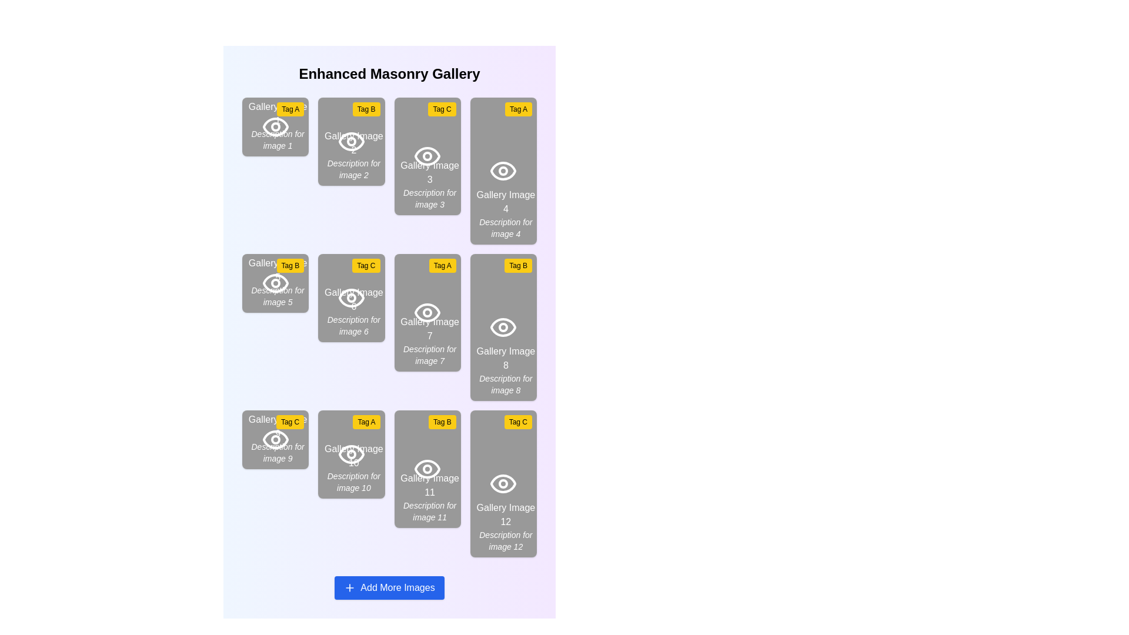  I want to click on the yellow rectangular tag labeled 'Tag A' located in the top-right corner of the 'Gallery Image 7' card, so click(442, 265).